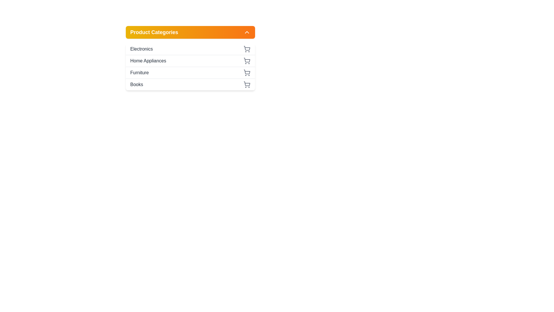  Describe the element at coordinates (247, 84) in the screenshot. I see `the 'Add to Cart' icon for the 'Books' category` at that location.